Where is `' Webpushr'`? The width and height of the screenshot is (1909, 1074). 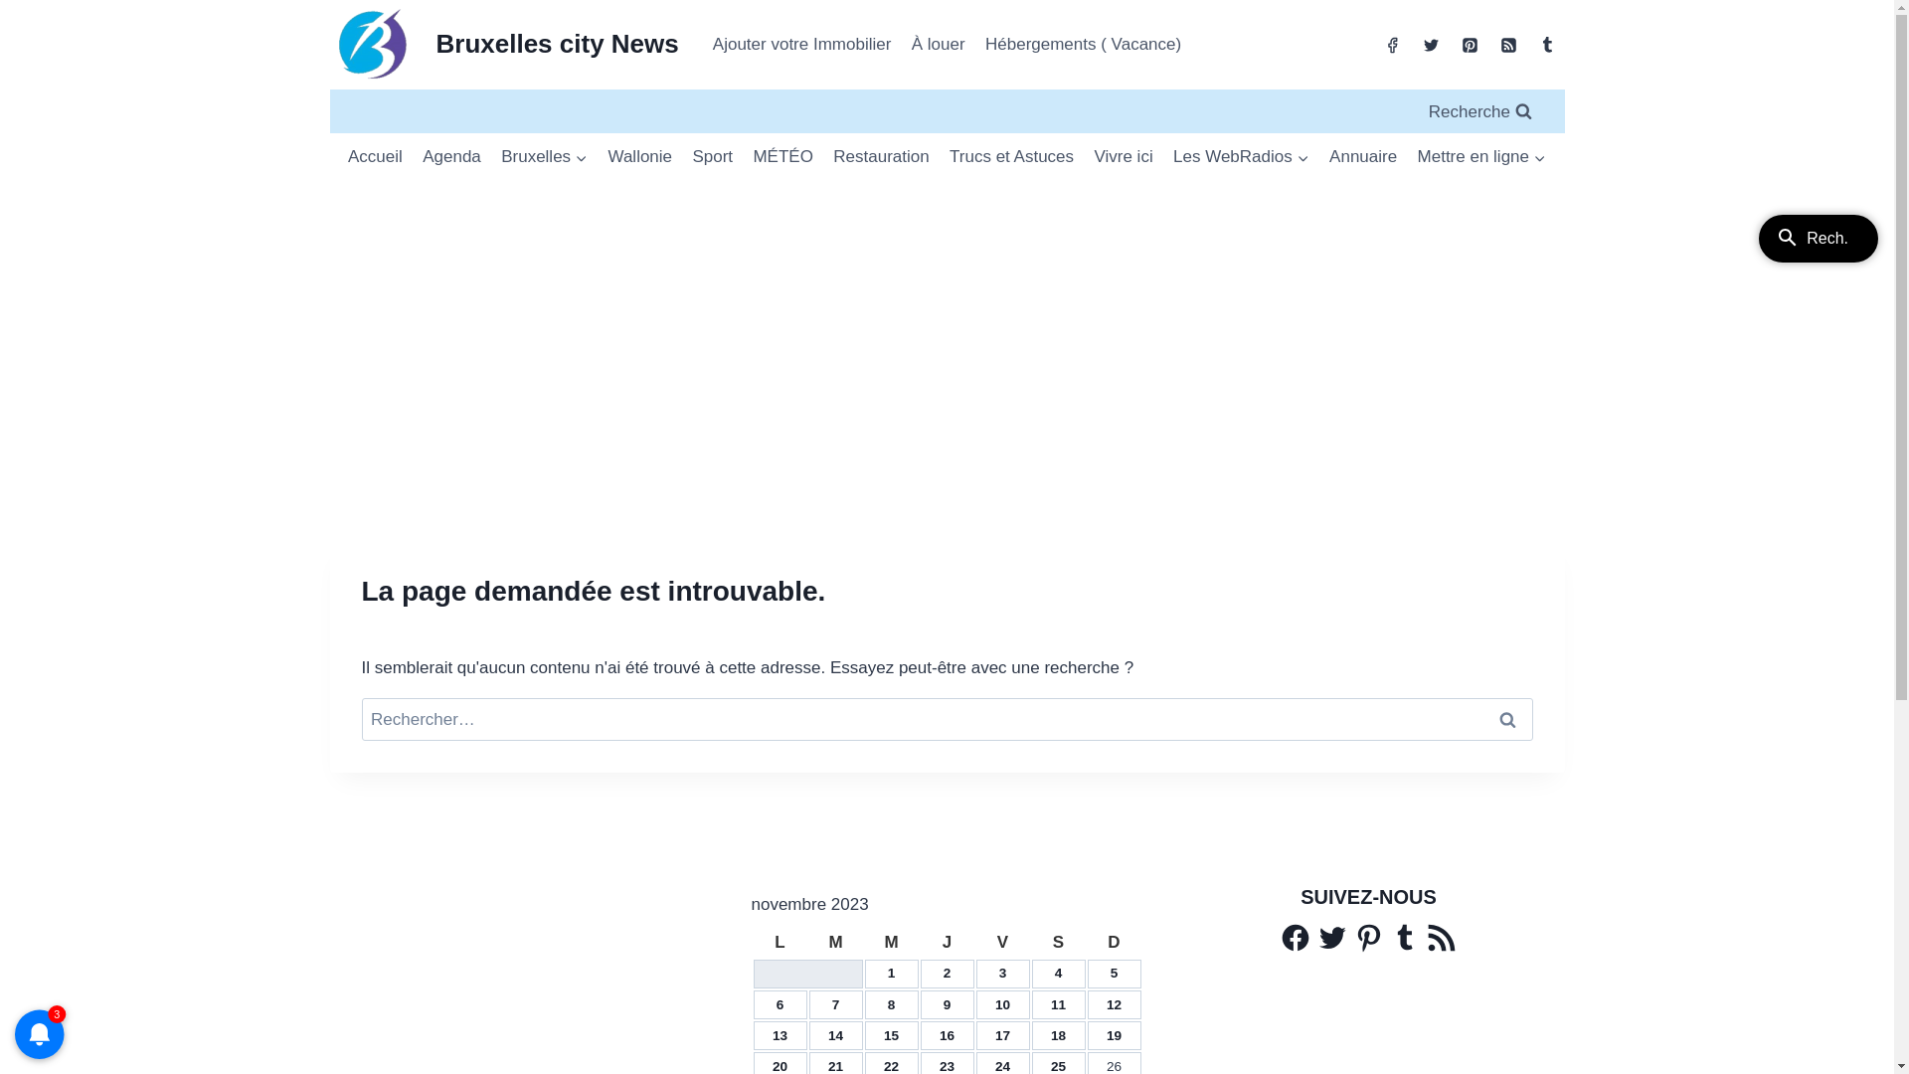 ' Webpushr' is located at coordinates (39, 1004).